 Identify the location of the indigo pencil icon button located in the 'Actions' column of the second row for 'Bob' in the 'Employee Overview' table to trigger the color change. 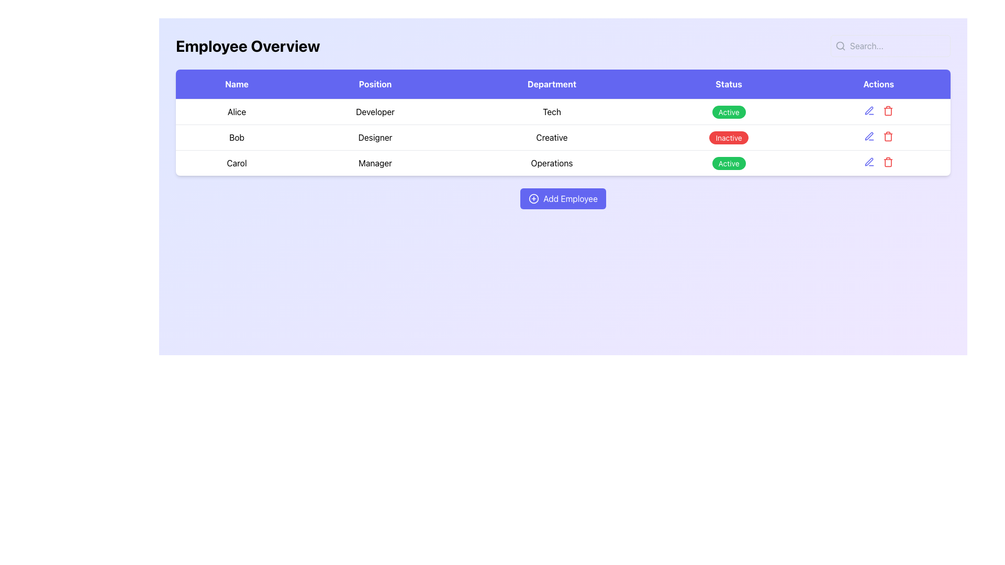
(869, 111).